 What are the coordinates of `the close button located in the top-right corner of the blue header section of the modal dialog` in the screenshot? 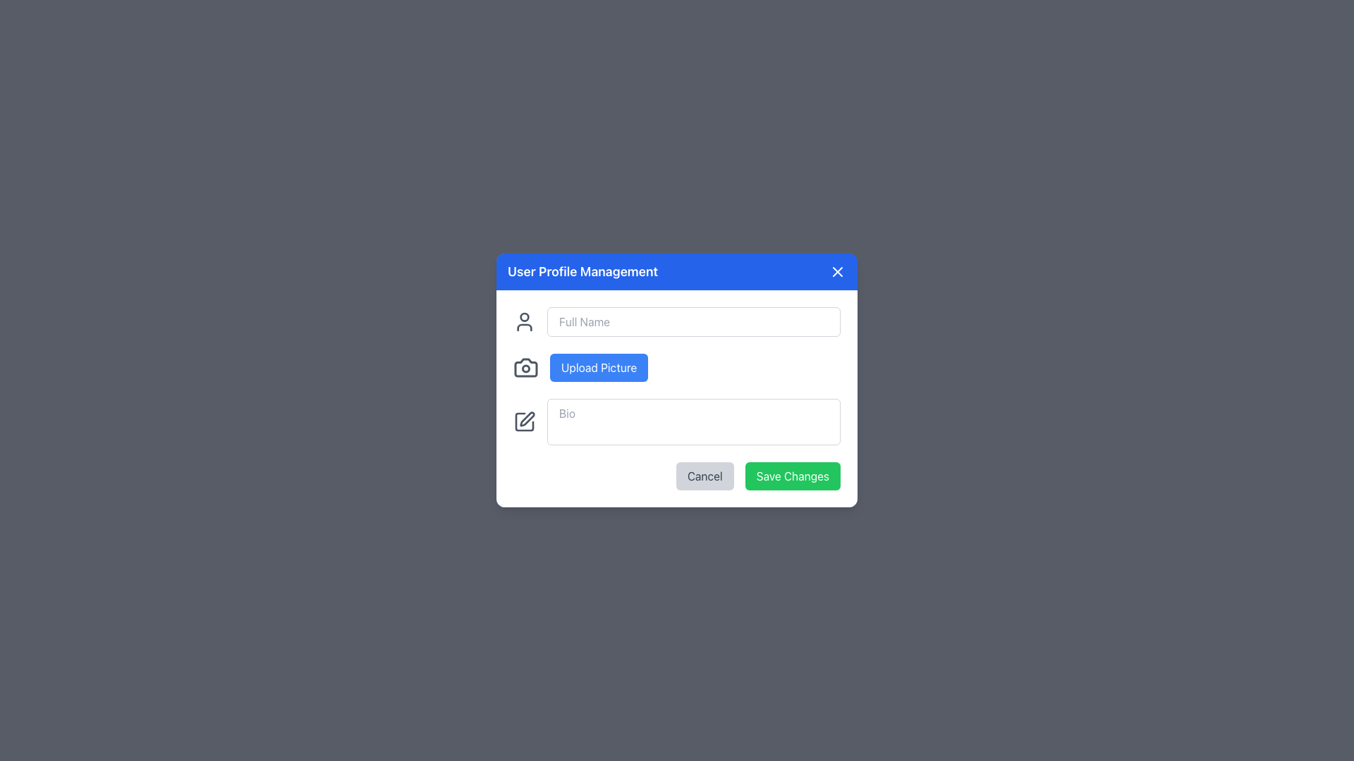 It's located at (838, 271).